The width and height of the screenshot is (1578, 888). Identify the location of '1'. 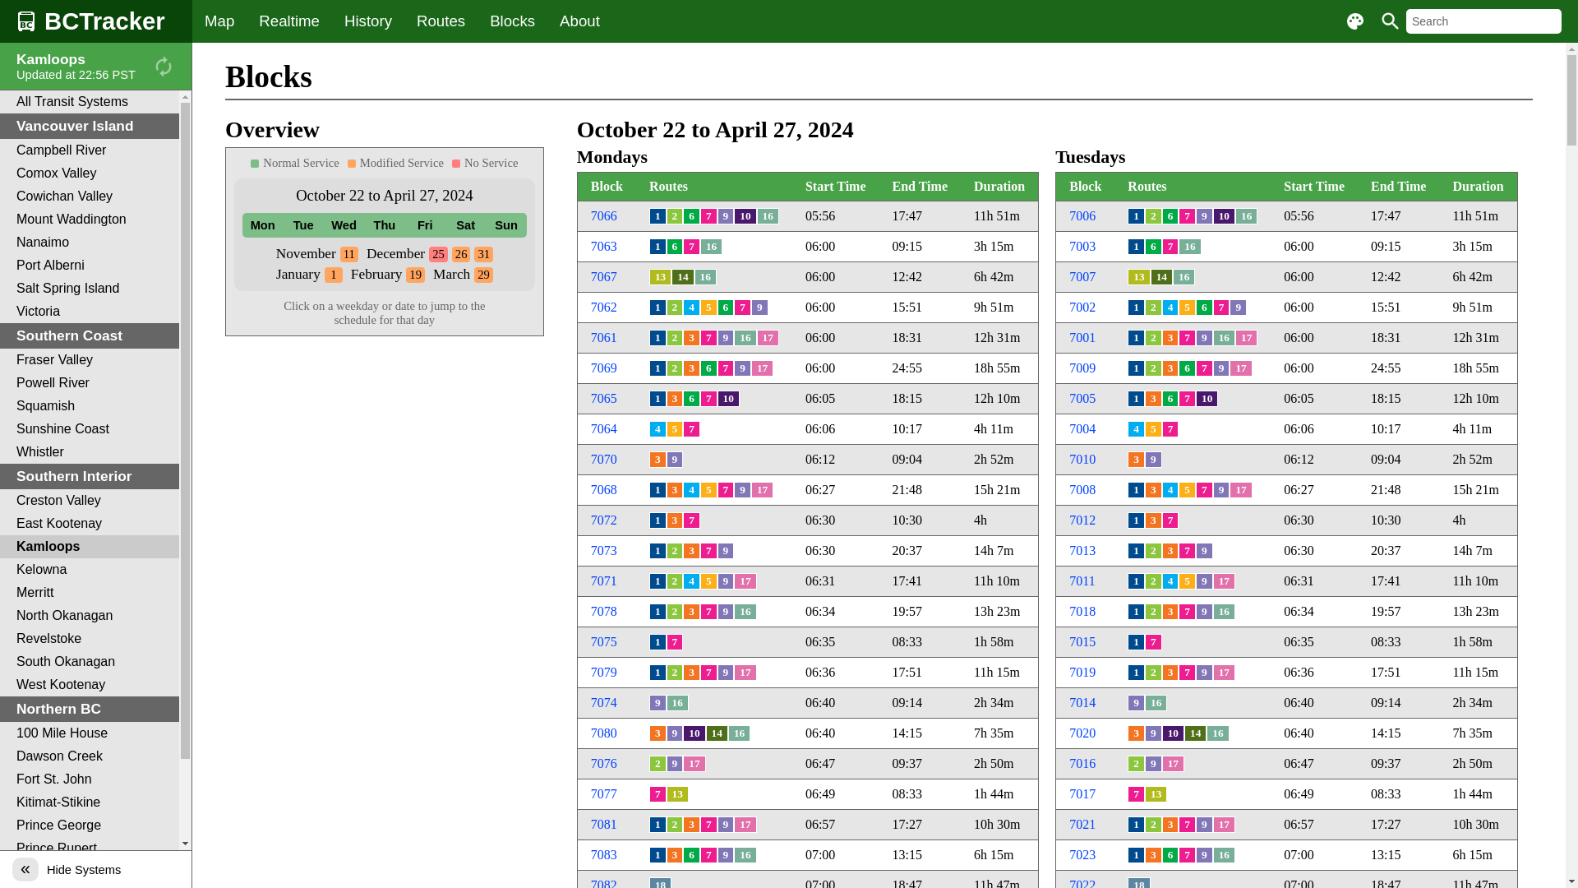
(657, 489).